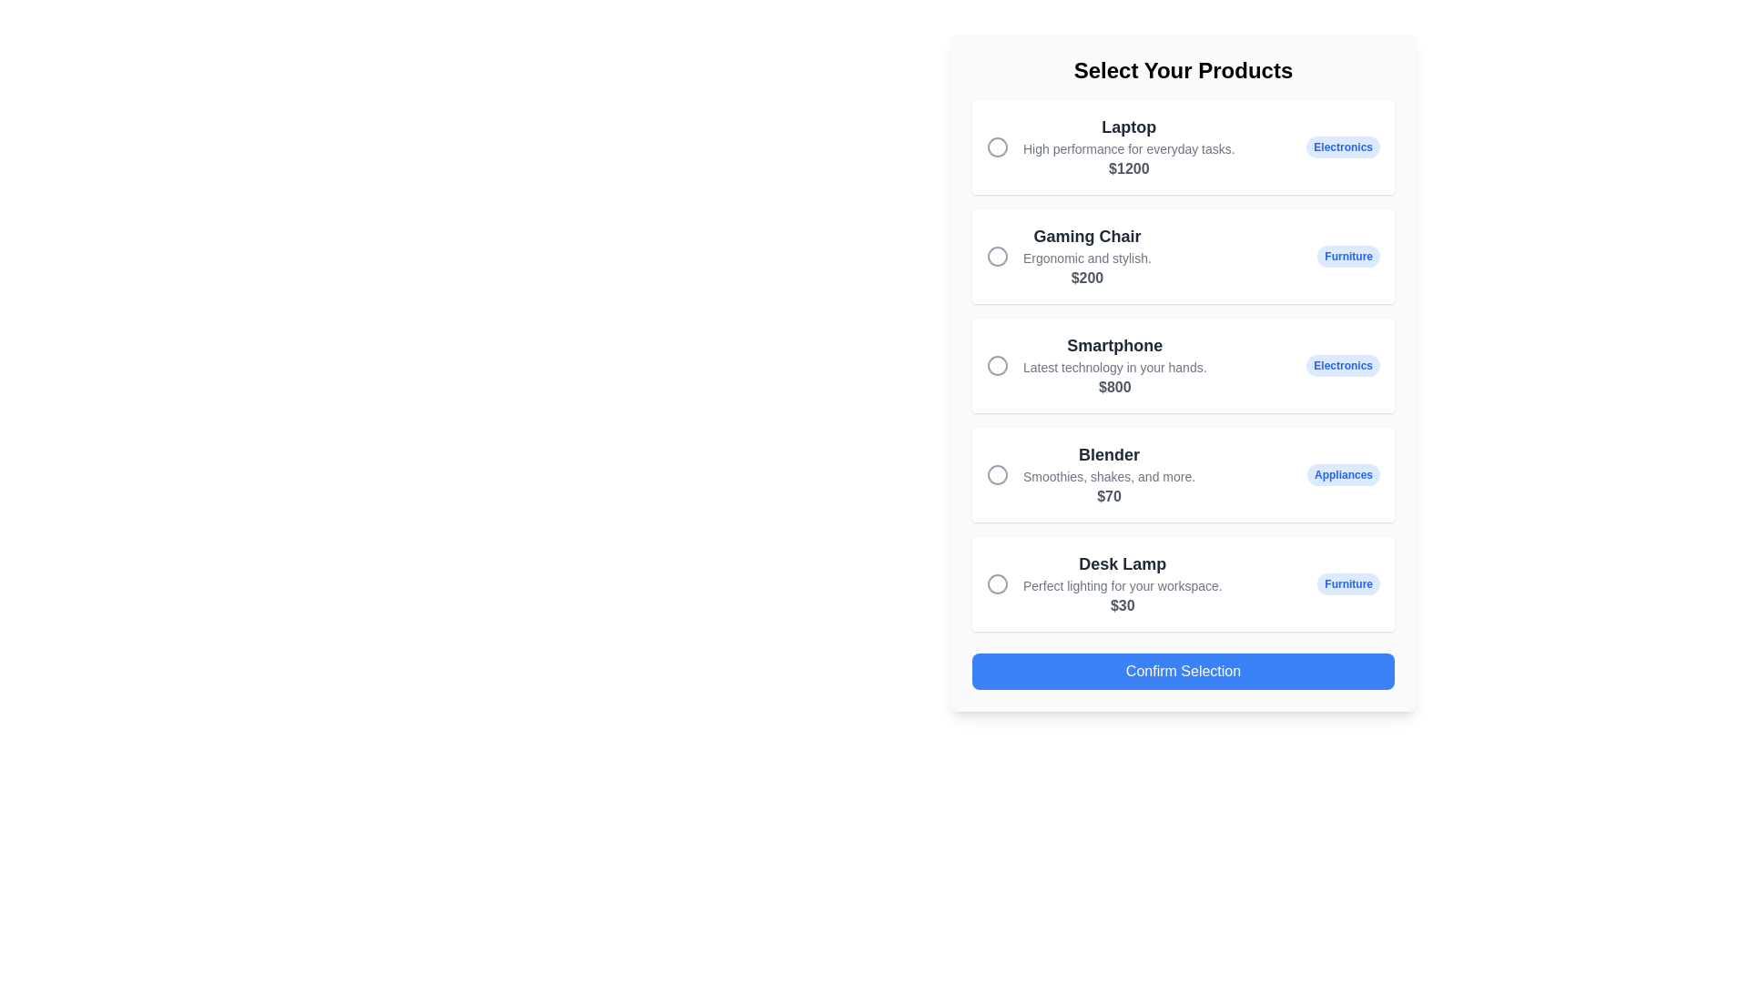 The width and height of the screenshot is (1748, 983). What do you see at coordinates (996, 583) in the screenshot?
I see `the circular radio button located to the left of the 'Desk Lamp' text` at bounding box center [996, 583].